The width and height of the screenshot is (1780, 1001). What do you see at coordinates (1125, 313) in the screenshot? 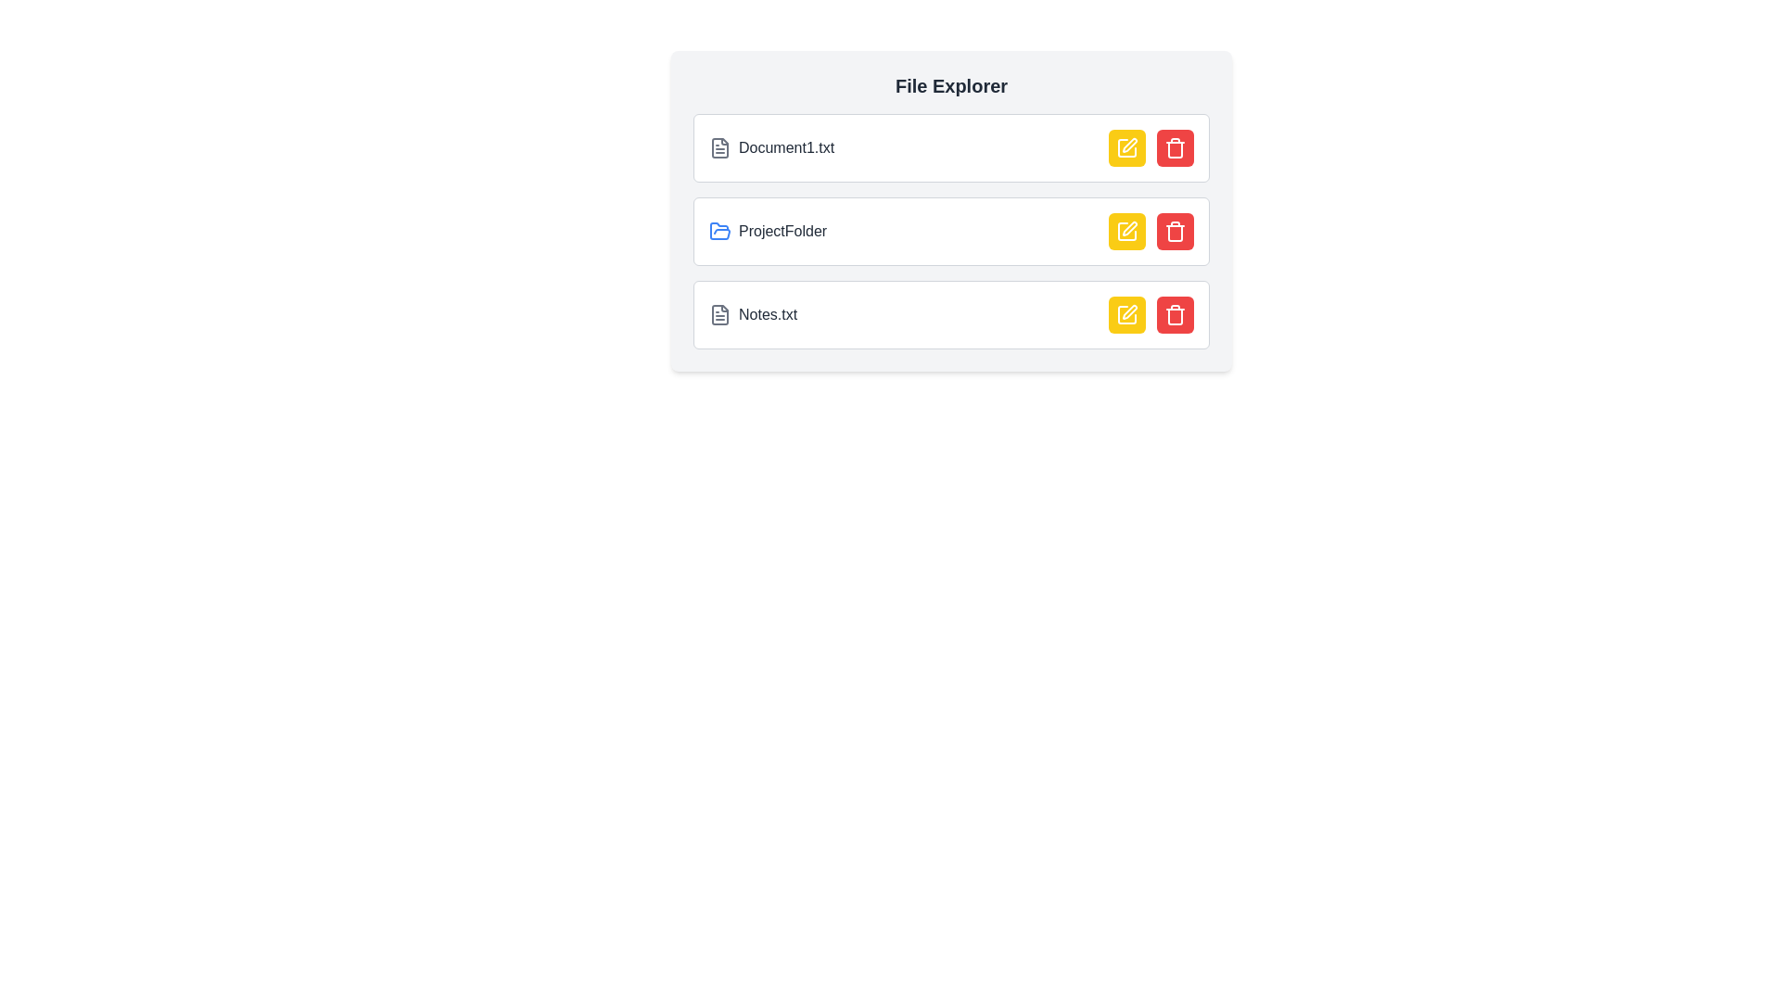
I see `the yellow icon resembling a pen located within the yellow button to the right of the 'Notes.txt' label` at bounding box center [1125, 313].